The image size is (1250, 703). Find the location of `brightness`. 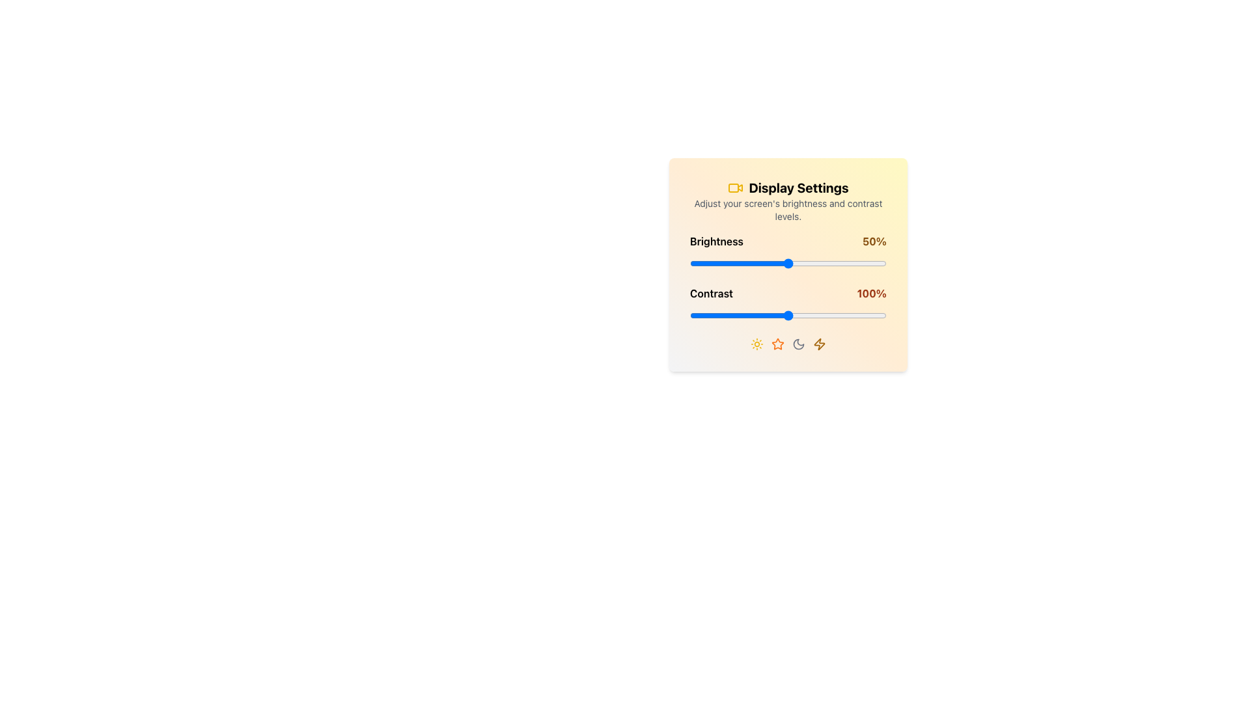

brightness is located at coordinates (703, 264).